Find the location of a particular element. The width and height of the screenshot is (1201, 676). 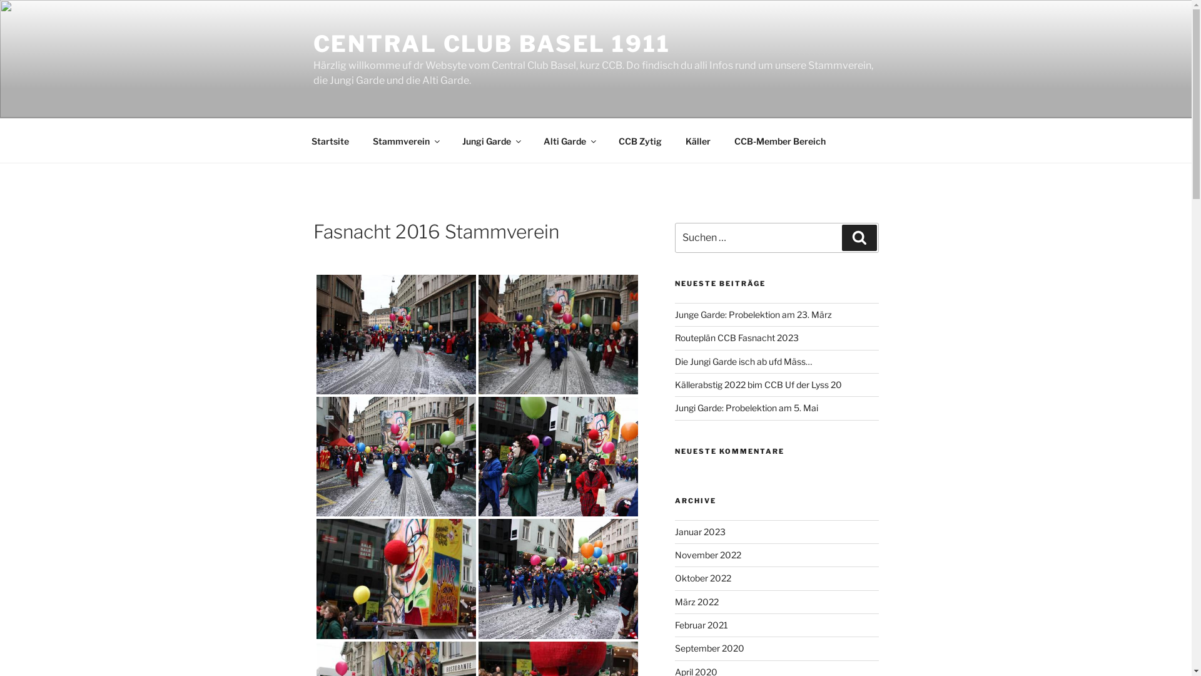

'Suchen' is located at coordinates (858, 238).